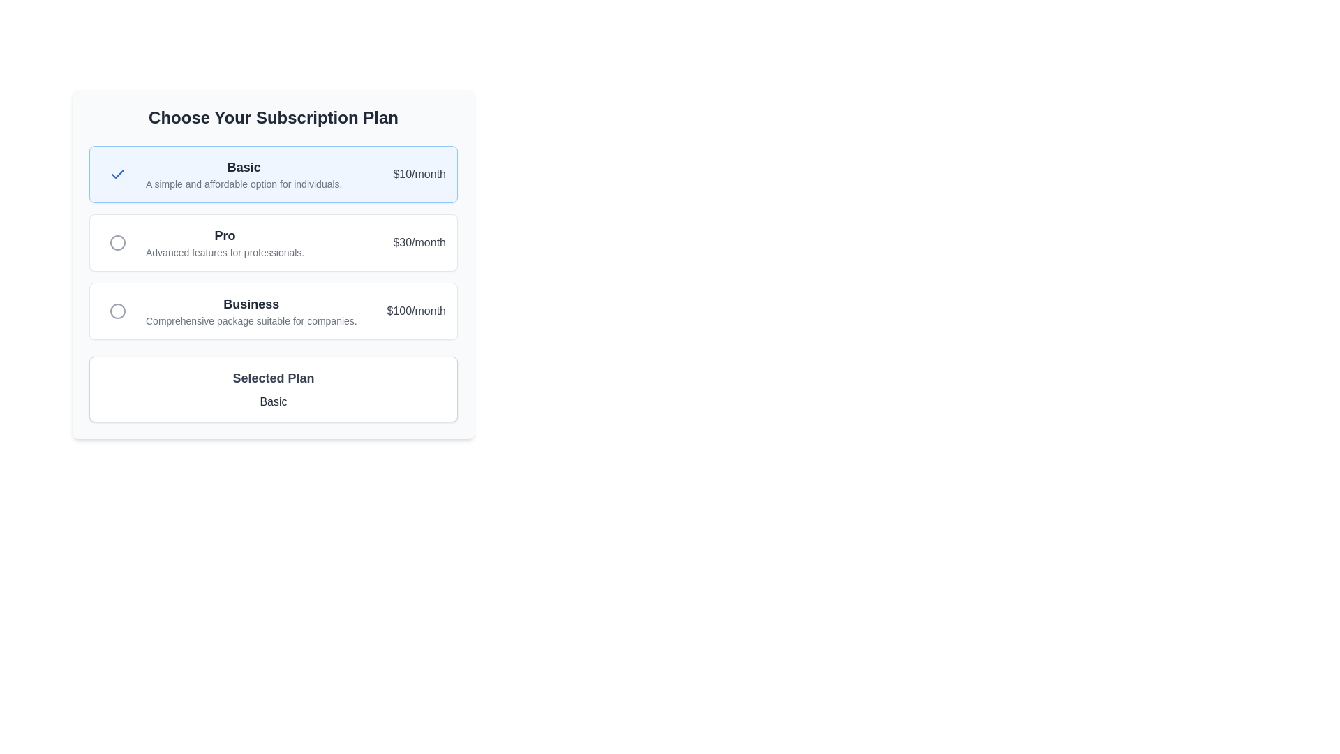 This screenshot has width=1340, height=754. What do you see at coordinates (274, 378) in the screenshot?
I see `the 'Selected Plan' text label, which is bold, dark gray, and larger than other text, located above 'Basic' in the 'Selected Plan Basic' box` at bounding box center [274, 378].